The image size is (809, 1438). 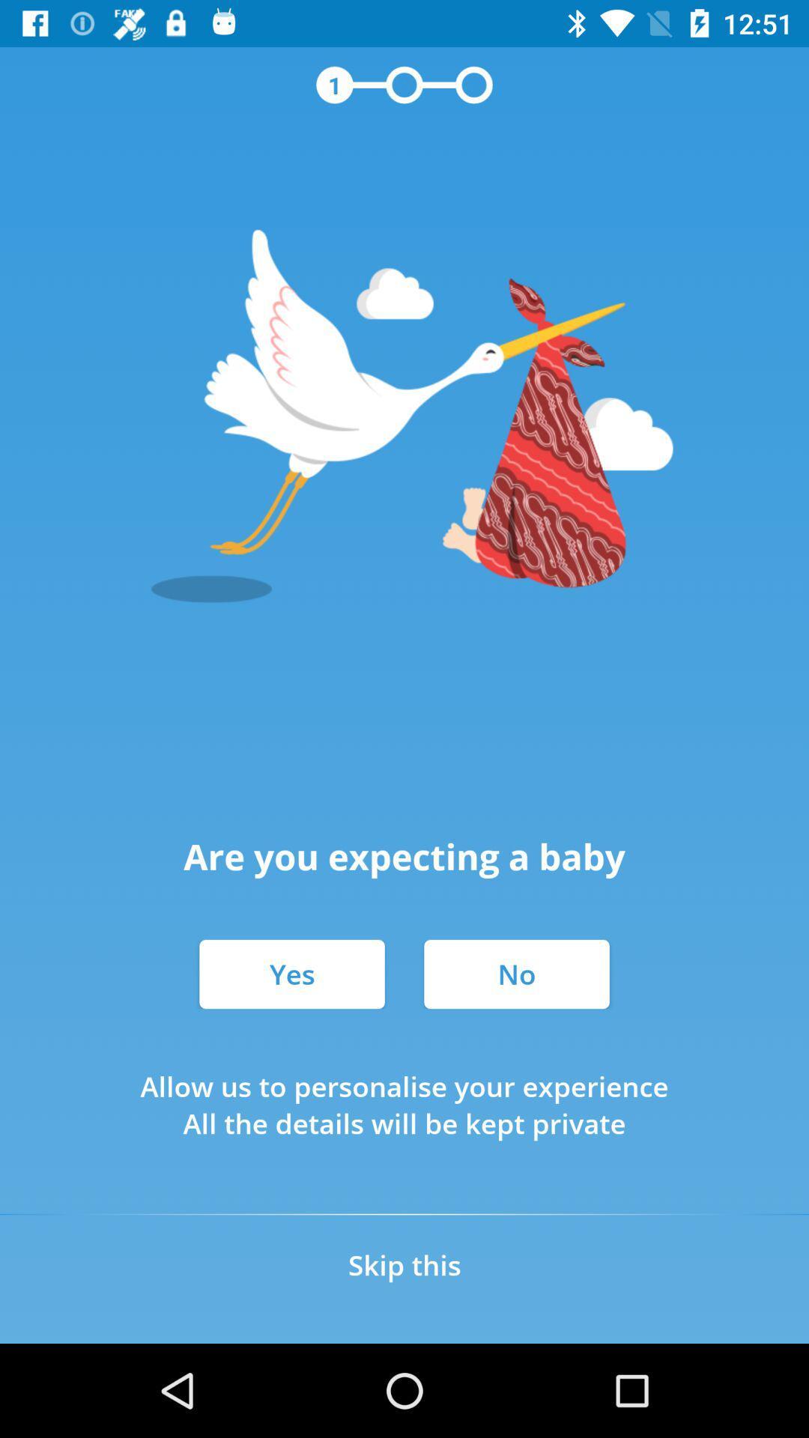 I want to click on icon above the allow us to item, so click(x=516, y=974).